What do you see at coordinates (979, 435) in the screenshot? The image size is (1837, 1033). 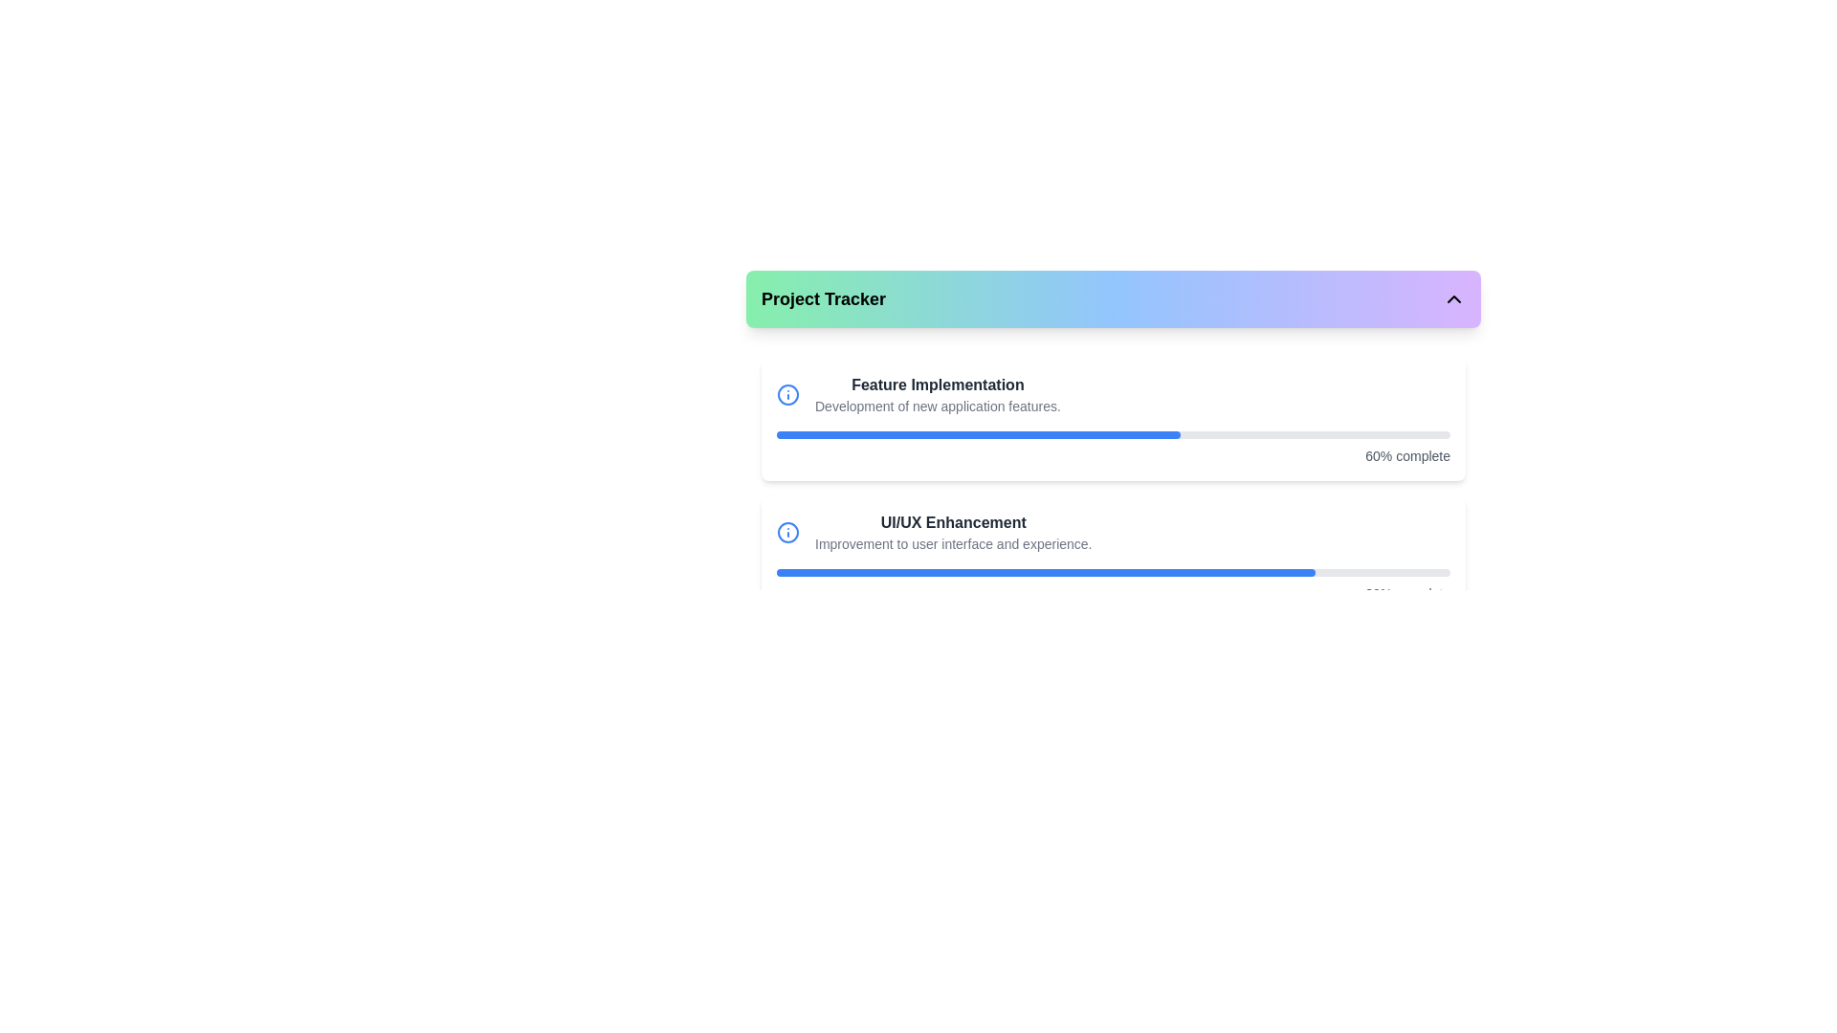 I see `Progress Bar Filling element, which visually represents the completion percentage for the 'Feature Implementation' task, located below the 'Feature Implementation' heading` at bounding box center [979, 435].